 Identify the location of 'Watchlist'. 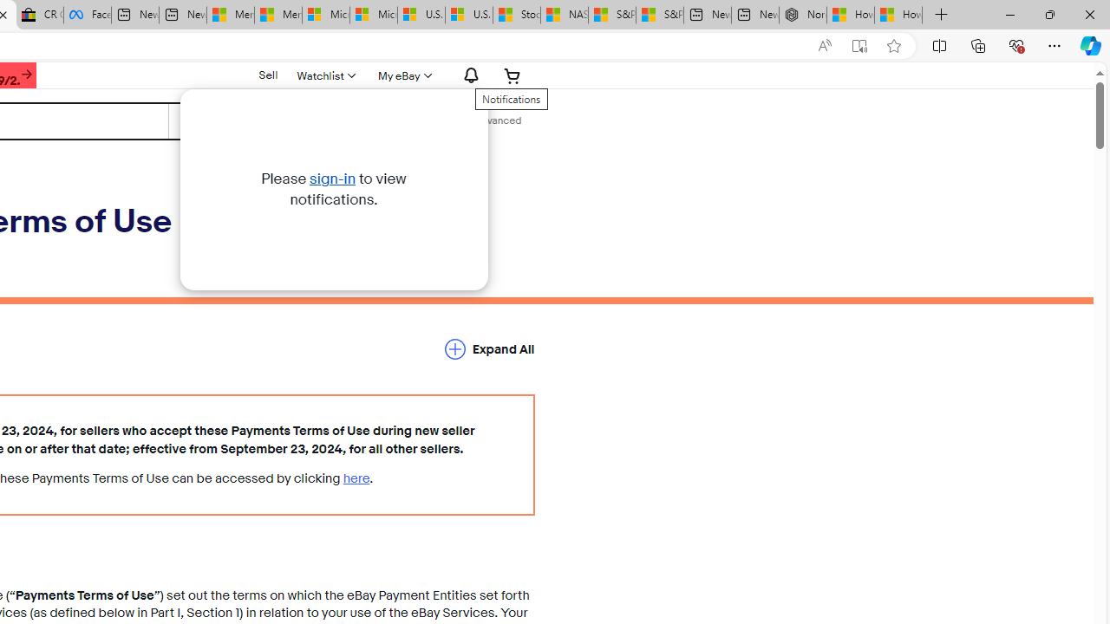
(325, 75).